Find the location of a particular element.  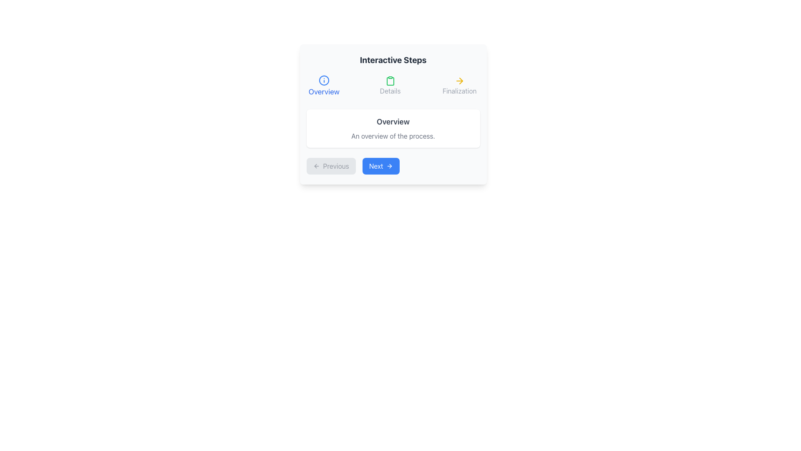

the 'Details' button in the multi-step navigation interface is located at coordinates (390, 86).